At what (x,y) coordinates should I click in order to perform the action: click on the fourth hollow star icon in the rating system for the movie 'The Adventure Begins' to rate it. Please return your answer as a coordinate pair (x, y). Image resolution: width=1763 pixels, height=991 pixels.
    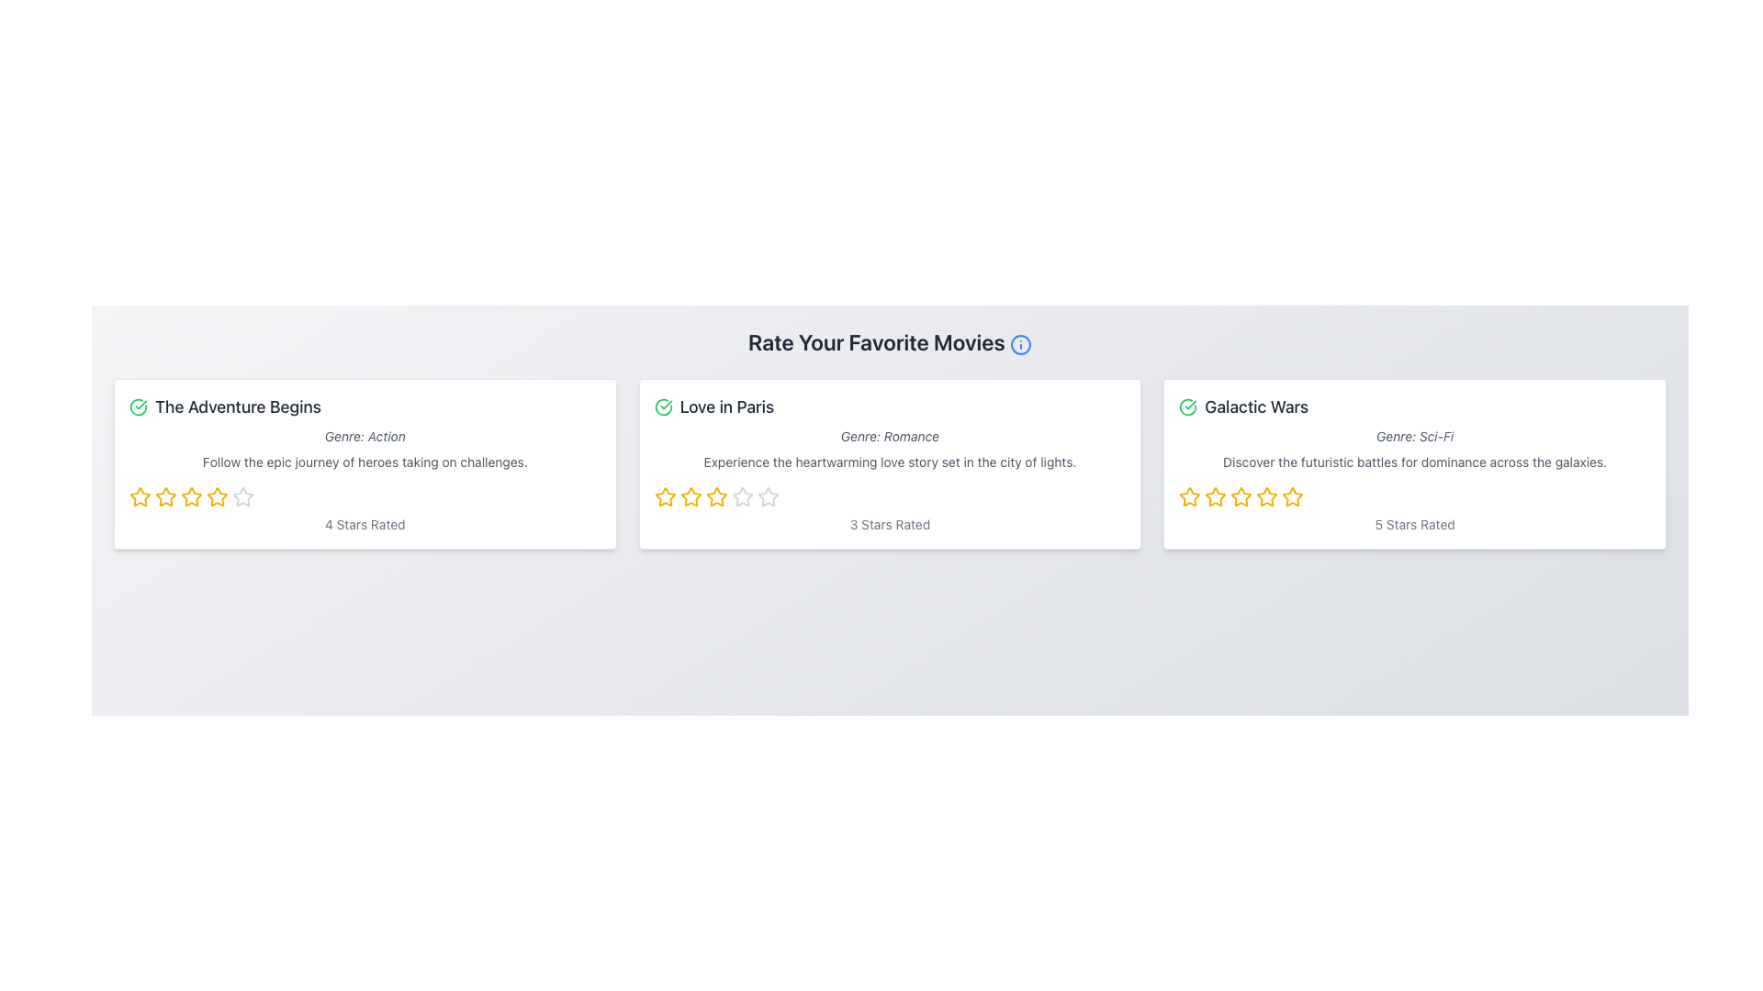
    Looking at the image, I should click on (241, 496).